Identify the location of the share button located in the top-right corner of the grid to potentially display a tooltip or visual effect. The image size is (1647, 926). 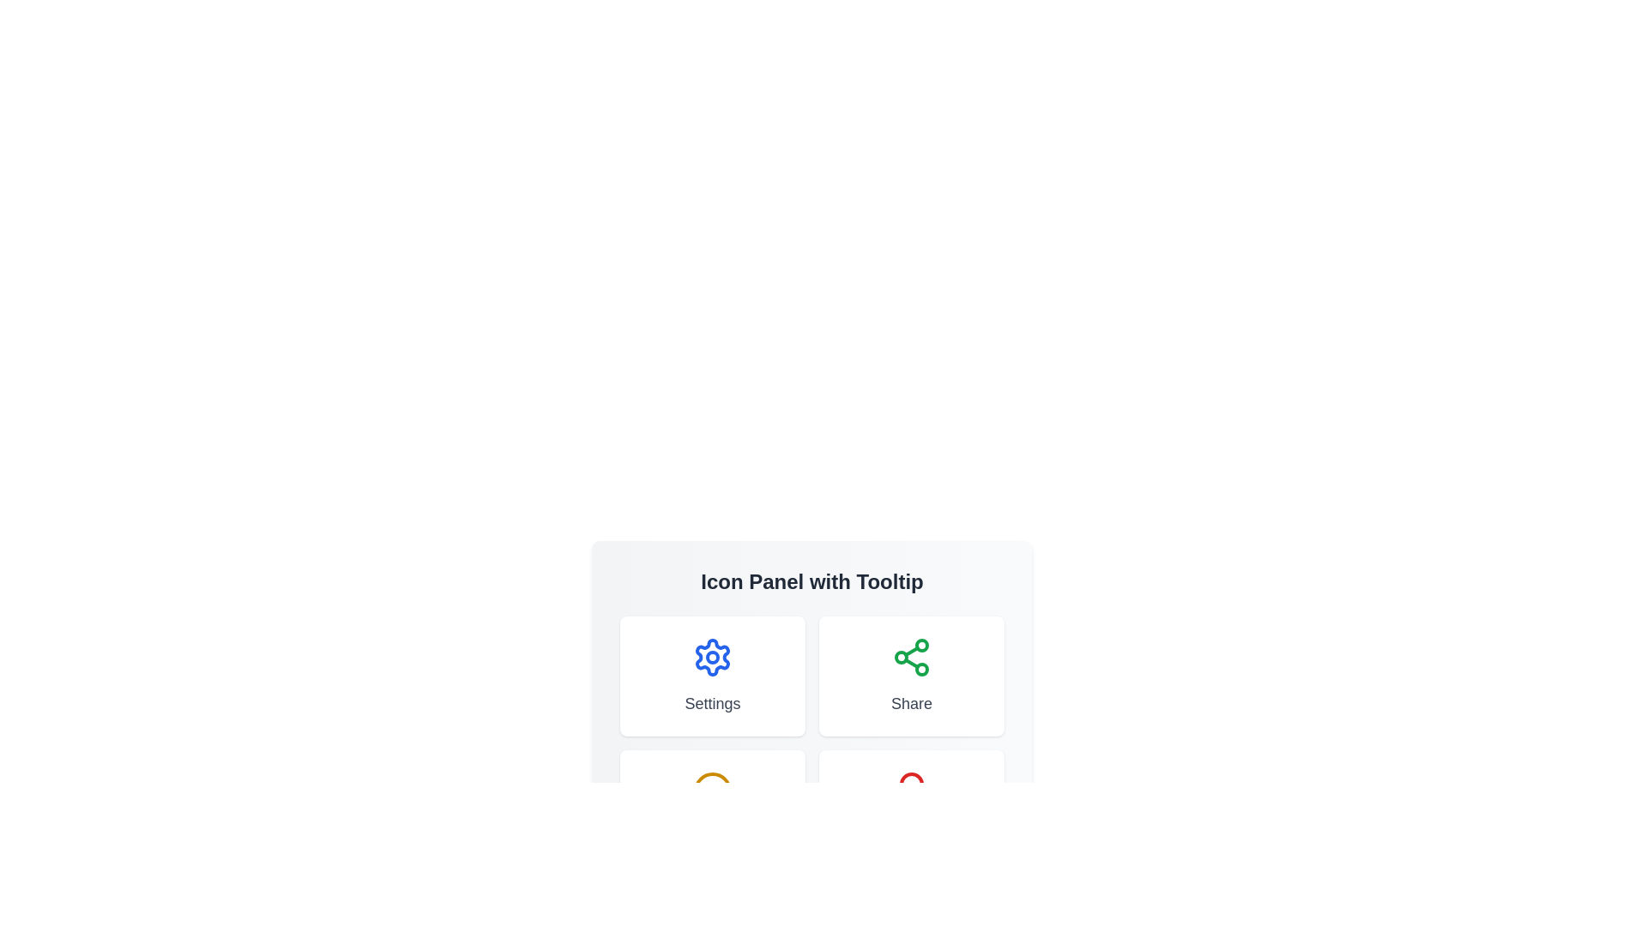
(910, 676).